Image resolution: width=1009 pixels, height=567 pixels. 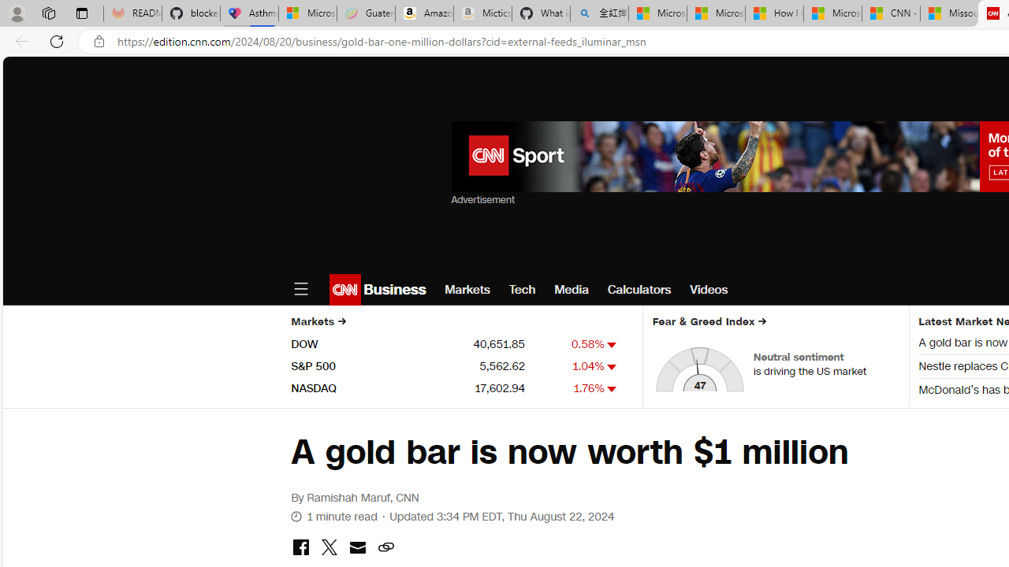 What do you see at coordinates (356, 547) in the screenshot?
I see `'Class: icon-social-email-fill'` at bounding box center [356, 547].